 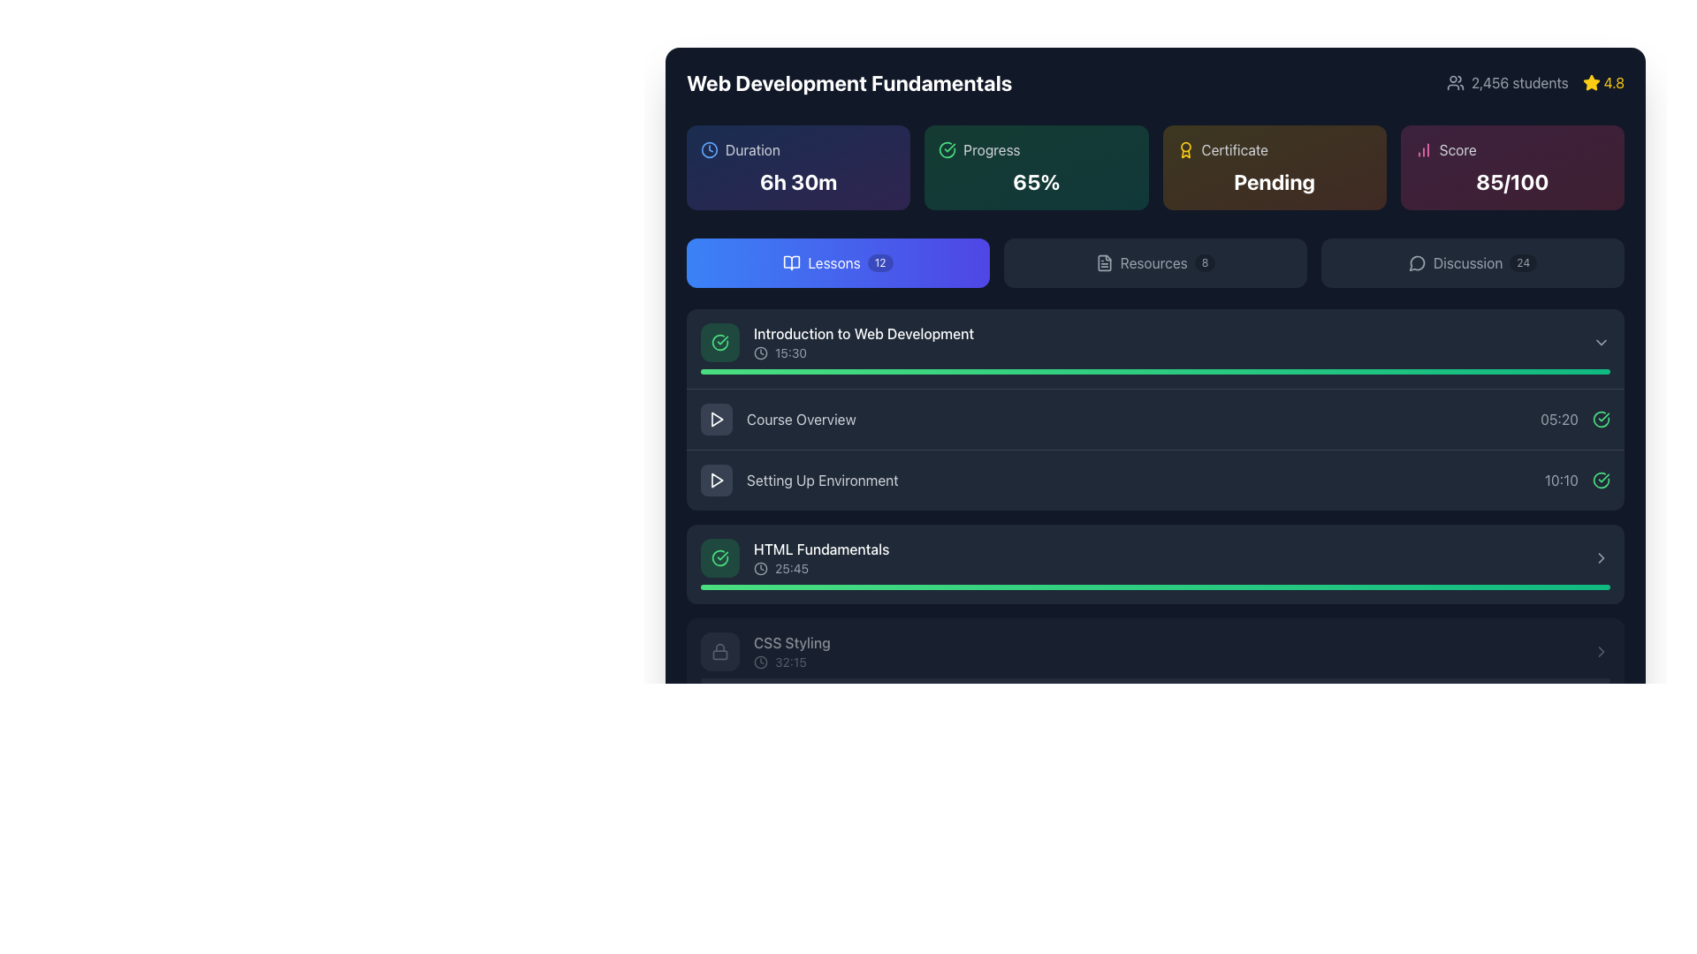 I want to click on the decorative icon that signifies the completion of the 'HTML Fundamentals' course, positioned to the left of the course title text, so click(x=720, y=558).